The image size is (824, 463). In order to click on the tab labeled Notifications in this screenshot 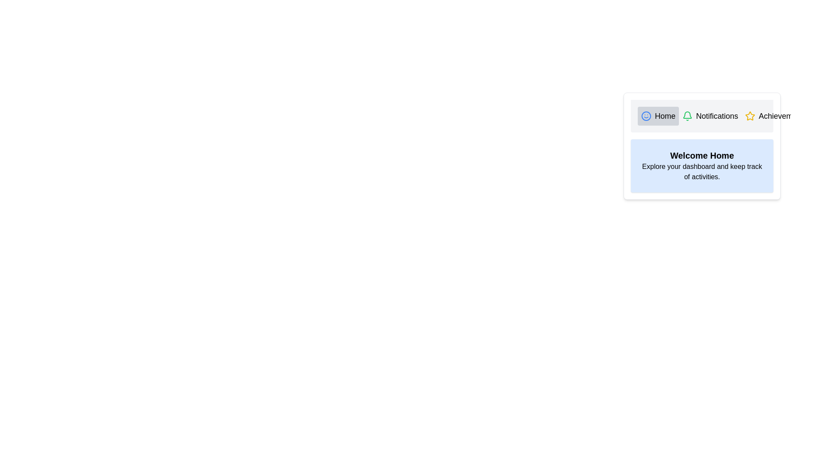, I will do `click(710, 116)`.